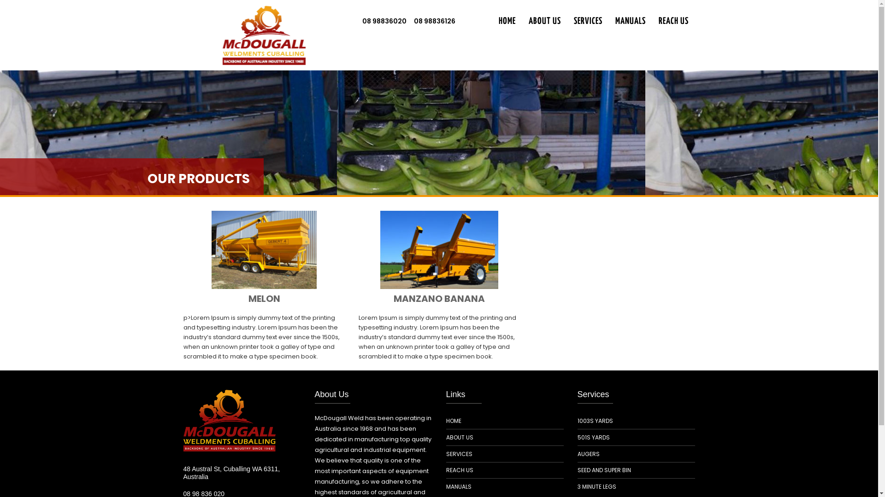 This screenshot has width=885, height=497. Describe the element at coordinates (460, 437) in the screenshot. I see `'ABOUT US'` at that location.